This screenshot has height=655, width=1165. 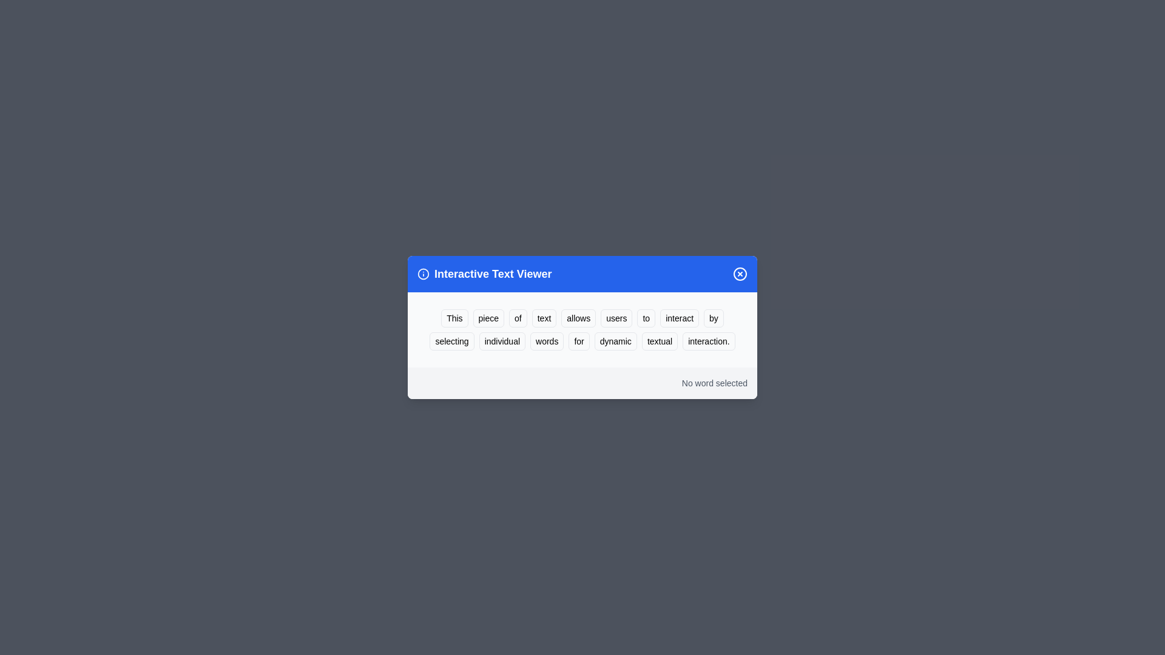 I want to click on the word 'textual' to highlight it, so click(x=659, y=341).